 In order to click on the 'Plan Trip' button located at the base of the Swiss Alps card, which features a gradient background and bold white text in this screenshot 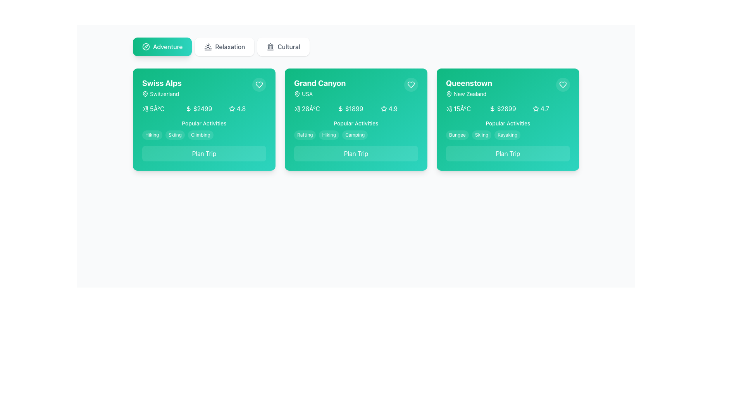, I will do `click(204, 154)`.